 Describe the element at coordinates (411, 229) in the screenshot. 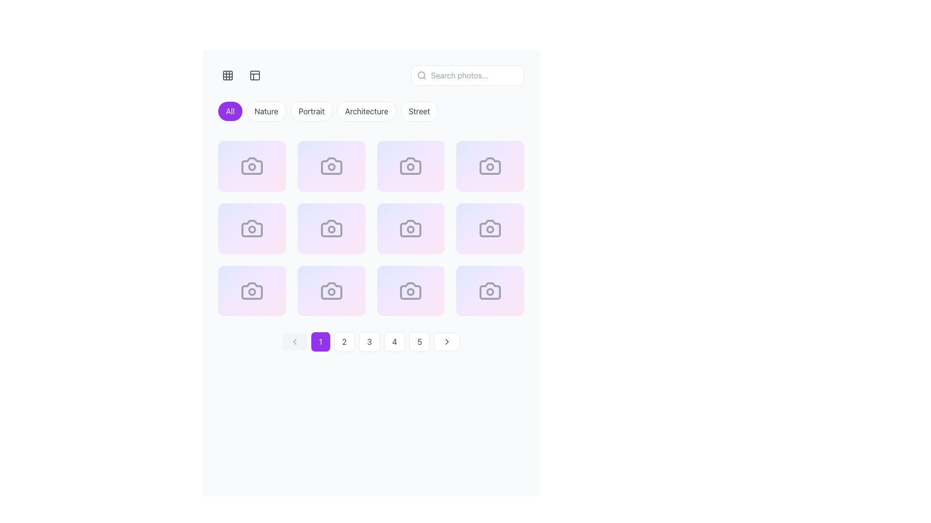

I see `the decorative camera icon located in the second column of the third row within a grid of image placeholders` at that location.